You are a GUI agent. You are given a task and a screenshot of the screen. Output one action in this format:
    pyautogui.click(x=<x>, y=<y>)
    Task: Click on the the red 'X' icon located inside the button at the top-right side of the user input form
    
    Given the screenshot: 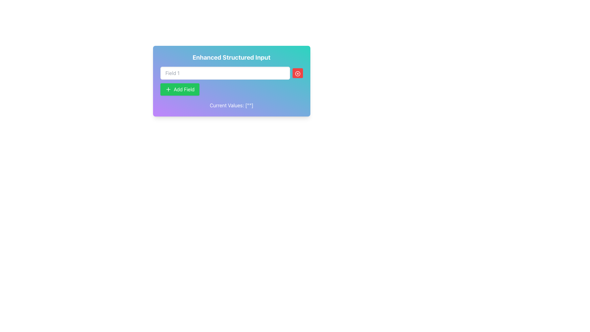 What is the action you would take?
    pyautogui.click(x=297, y=73)
    